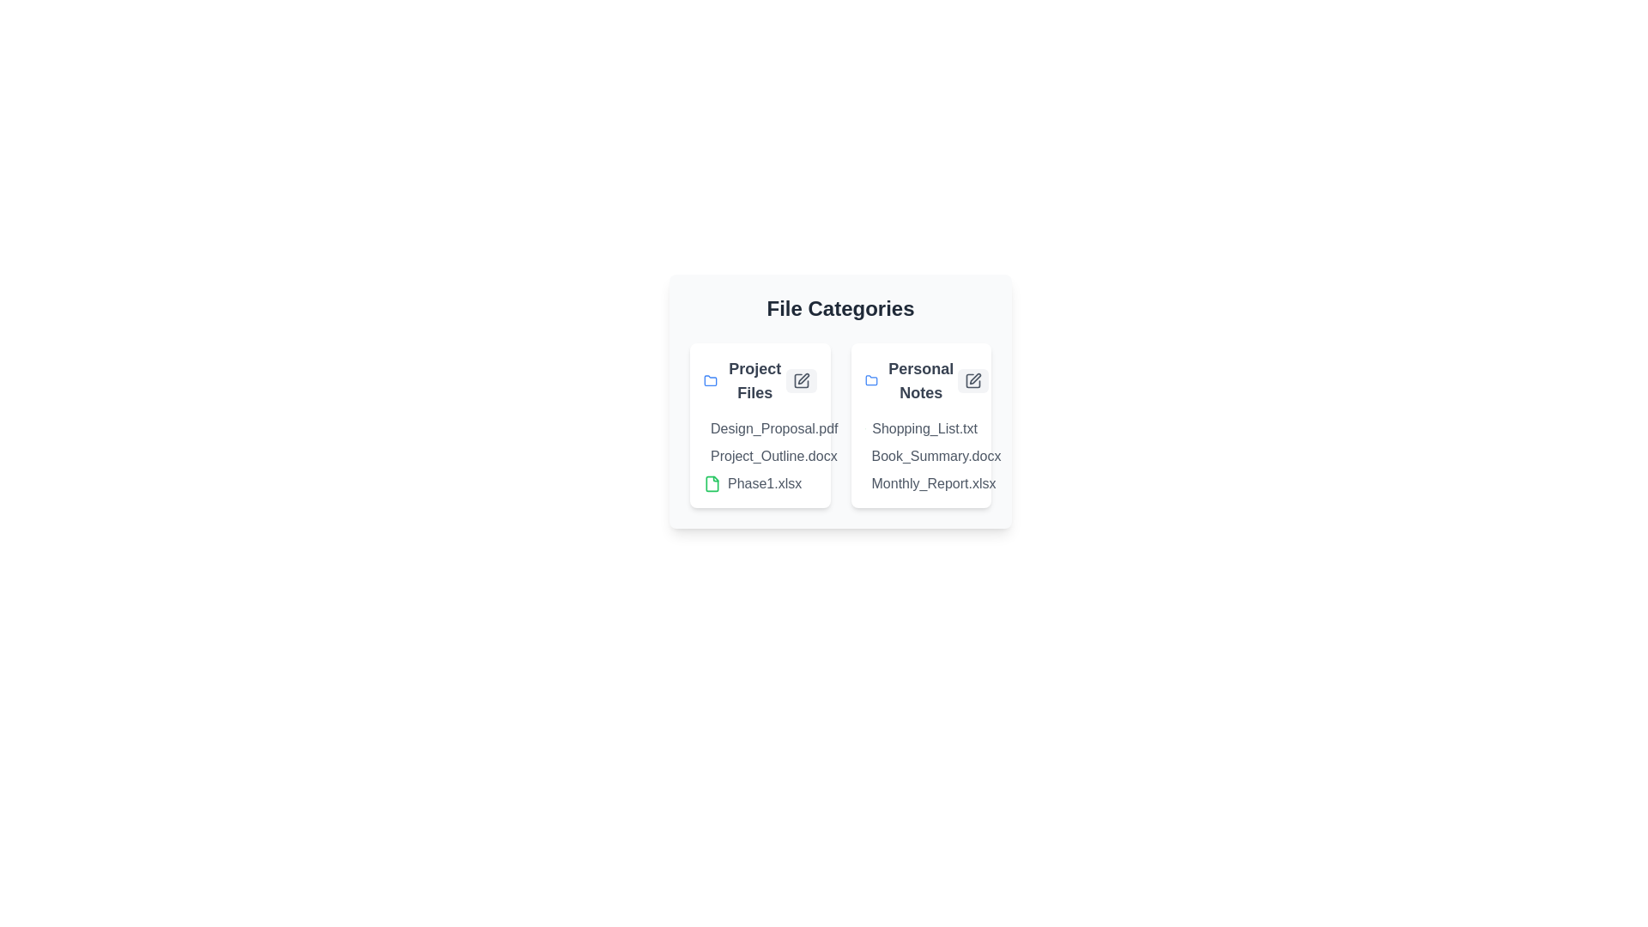 This screenshot has width=1648, height=927. Describe the element at coordinates (864, 428) in the screenshot. I see `the text of the document named Shopping_List.txt in the list` at that location.